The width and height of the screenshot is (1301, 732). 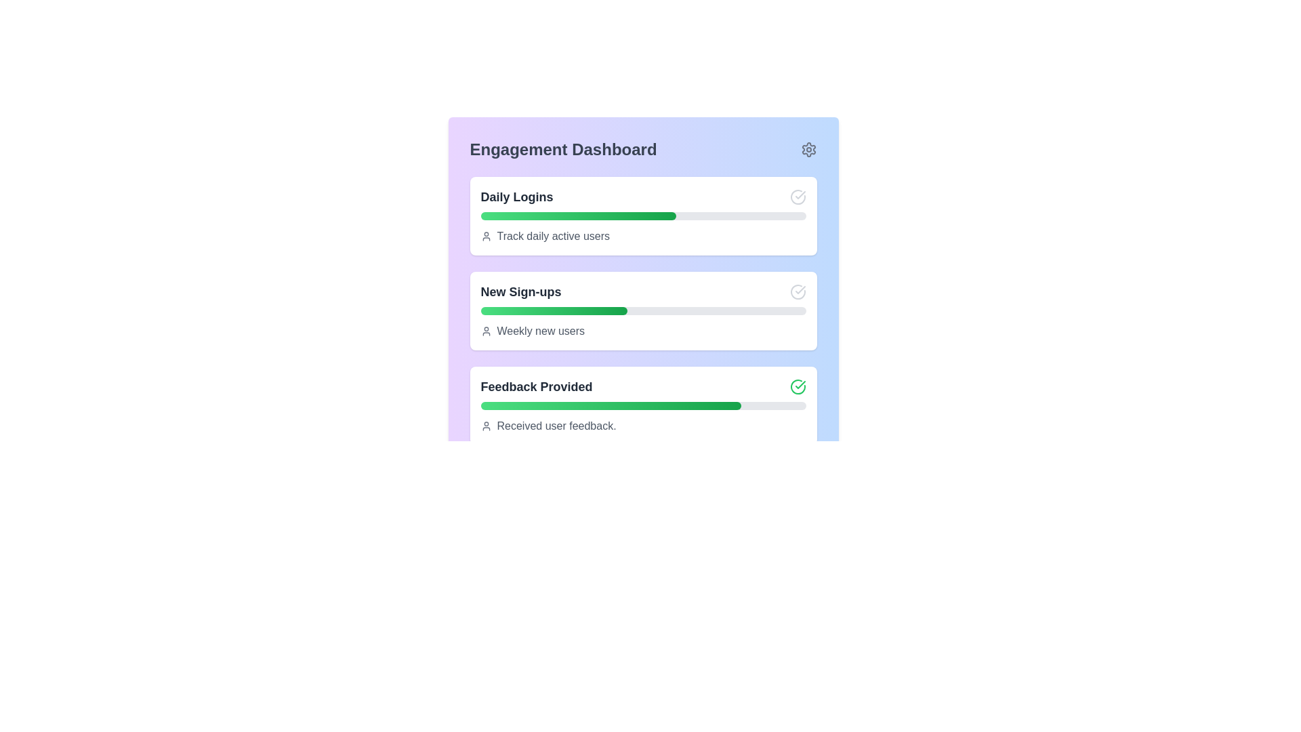 I want to click on the vector graphic element representing the status icon located on the right side of the 'Daily Logins' card in the dashboard interface, so click(x=798, y=197).